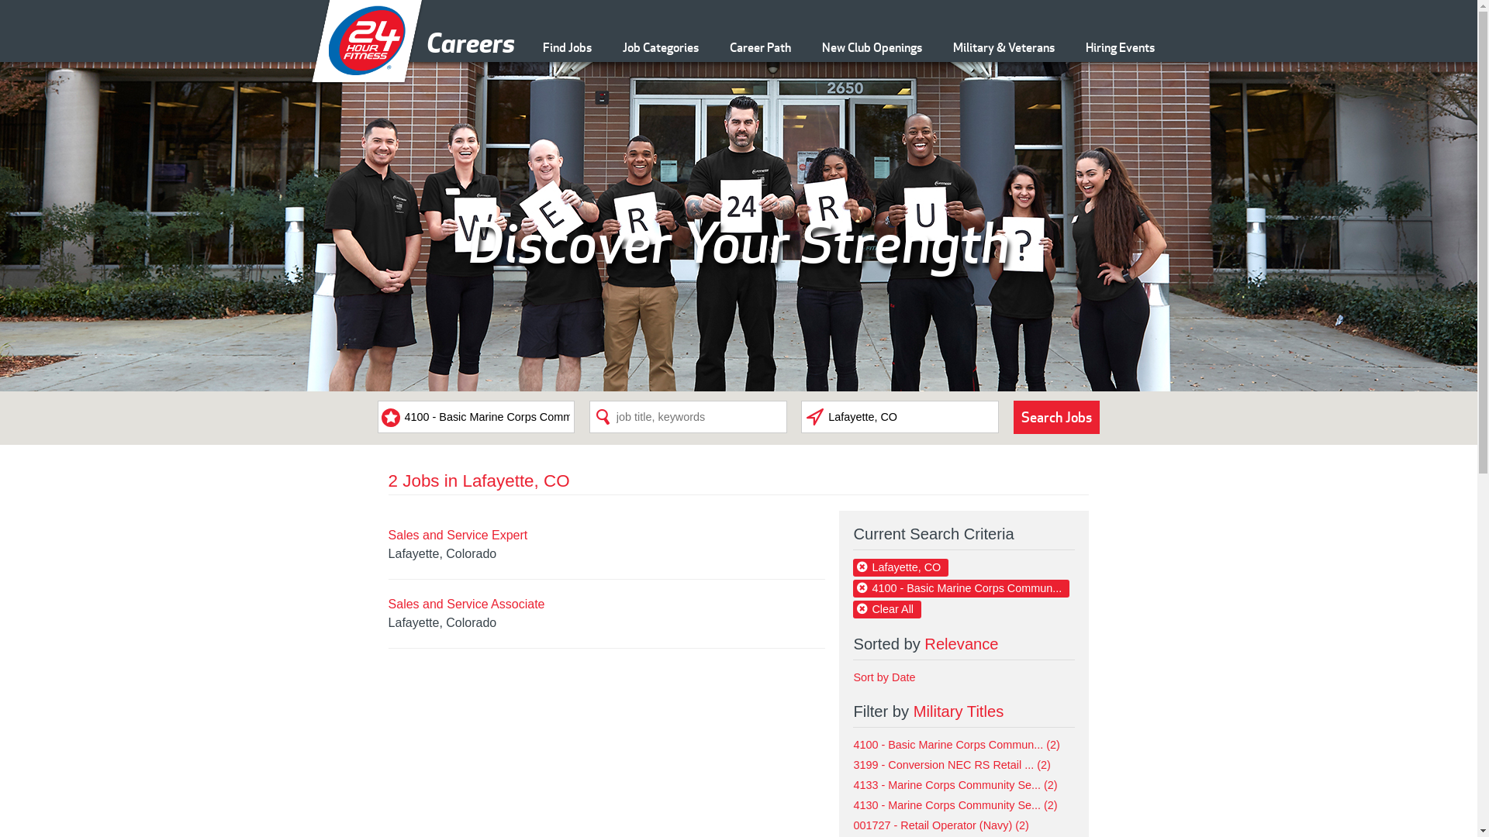 The height and width of the screenshot is (837, 1489). What do you see at coordinates (457, 534) in the screenshot?
I see `'Sales and Service Expert'` at bounding box center [457, 534].